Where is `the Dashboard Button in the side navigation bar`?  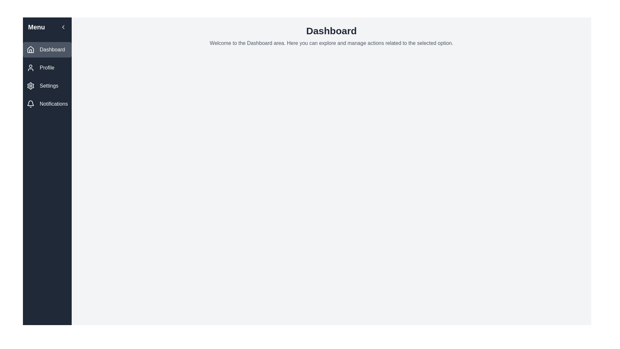 the Dashboard Button in the side navigation bar is located at coordinates (47, 49).